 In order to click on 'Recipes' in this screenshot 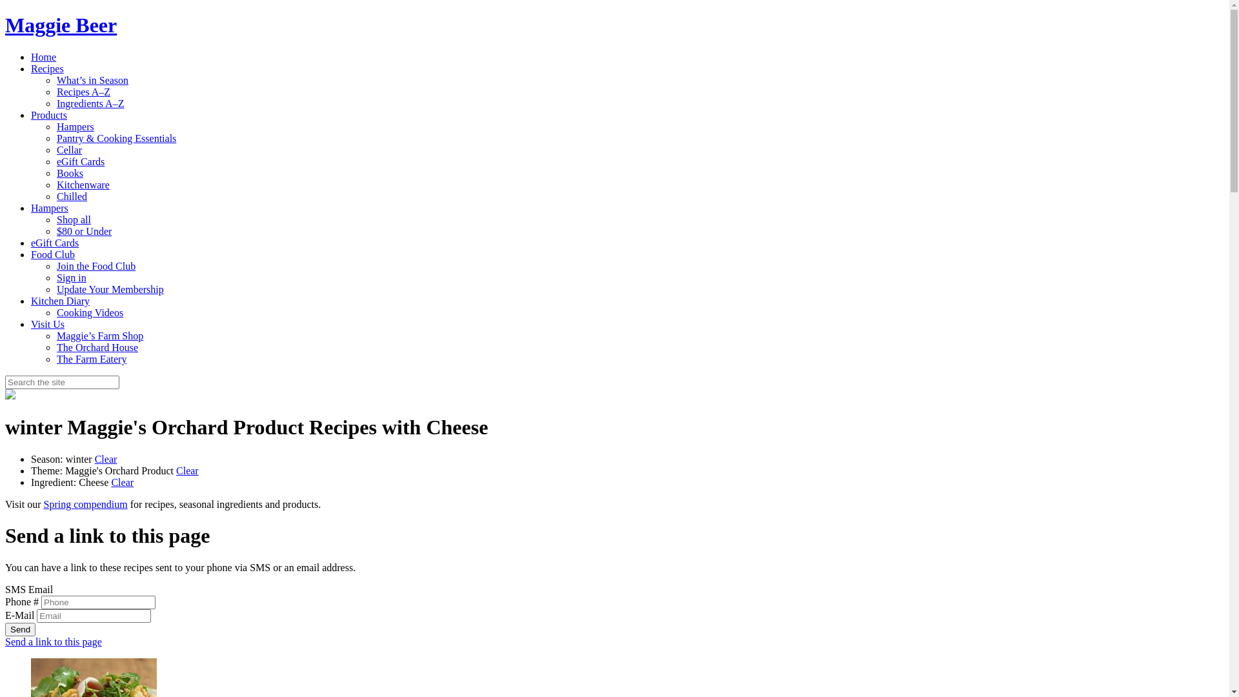, I will do `click(31, 68)`.